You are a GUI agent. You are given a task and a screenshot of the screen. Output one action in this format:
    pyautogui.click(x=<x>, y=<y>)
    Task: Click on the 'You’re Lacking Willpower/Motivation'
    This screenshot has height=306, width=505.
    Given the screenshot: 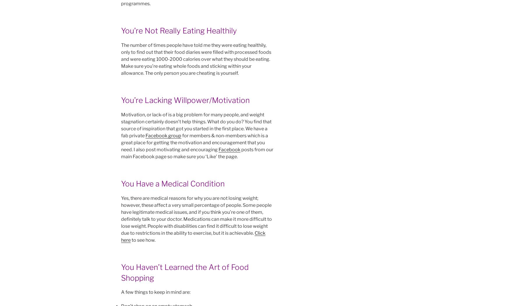 What is the action you would take?
    pyautogui.click(x=185, y=100)
    